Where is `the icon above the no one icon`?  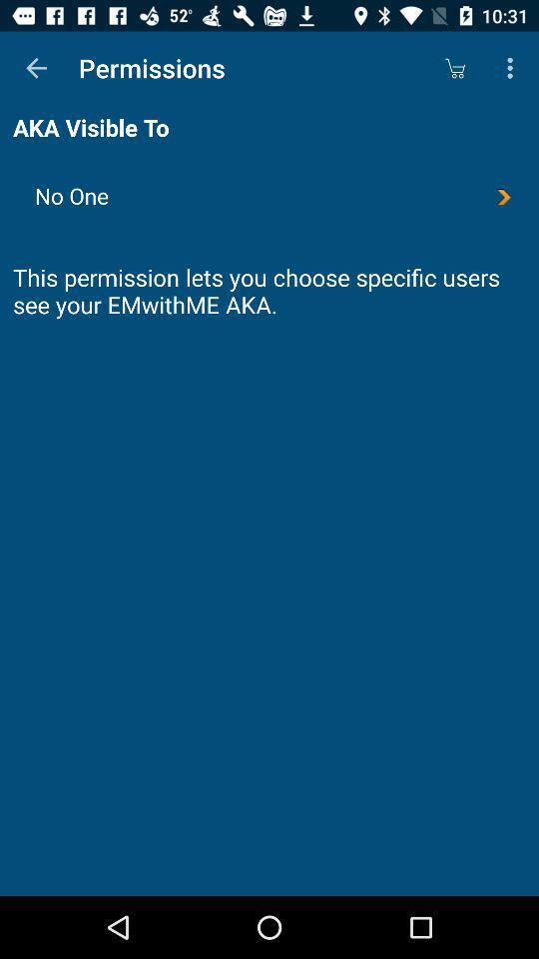 the icon above the no one icon is located at coordinates (454, 68).